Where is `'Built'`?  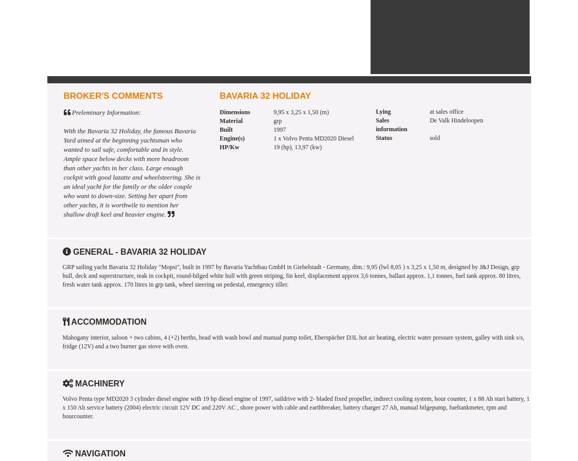
'Built' is located at coordinates (225, 129).